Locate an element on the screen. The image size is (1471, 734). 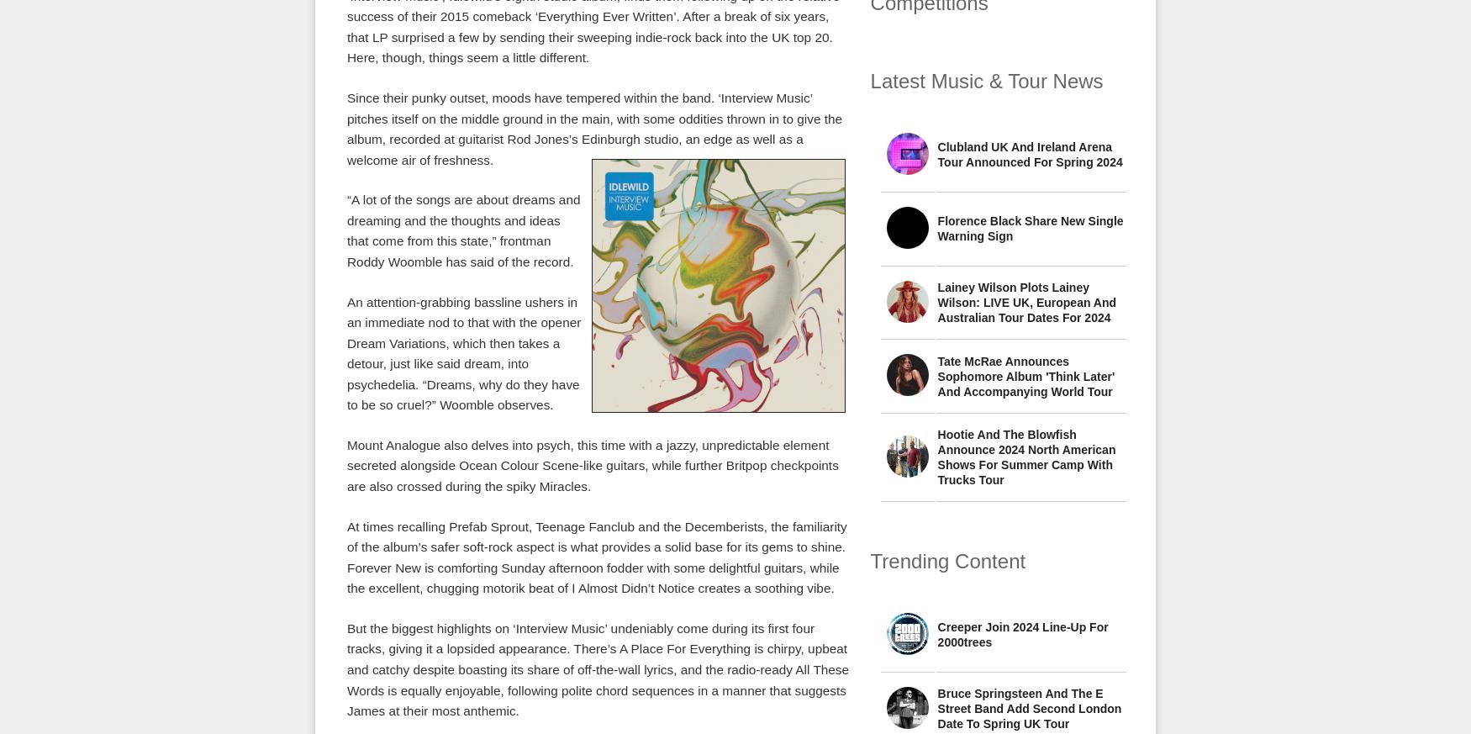
'Bruce Springsteen And The E Street Band Add Second London Date To Spring UK Tour' is located at coordinates (1029, 708).